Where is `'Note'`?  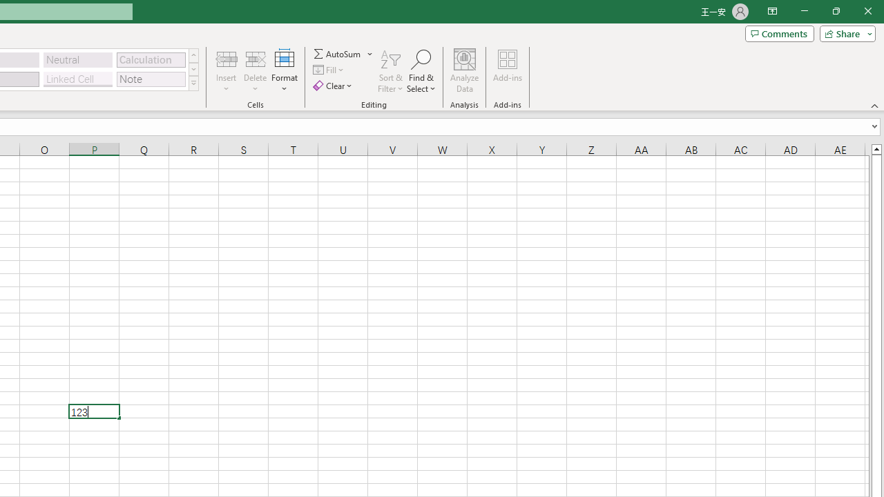 'Note' is located at coordinates (151, 79).